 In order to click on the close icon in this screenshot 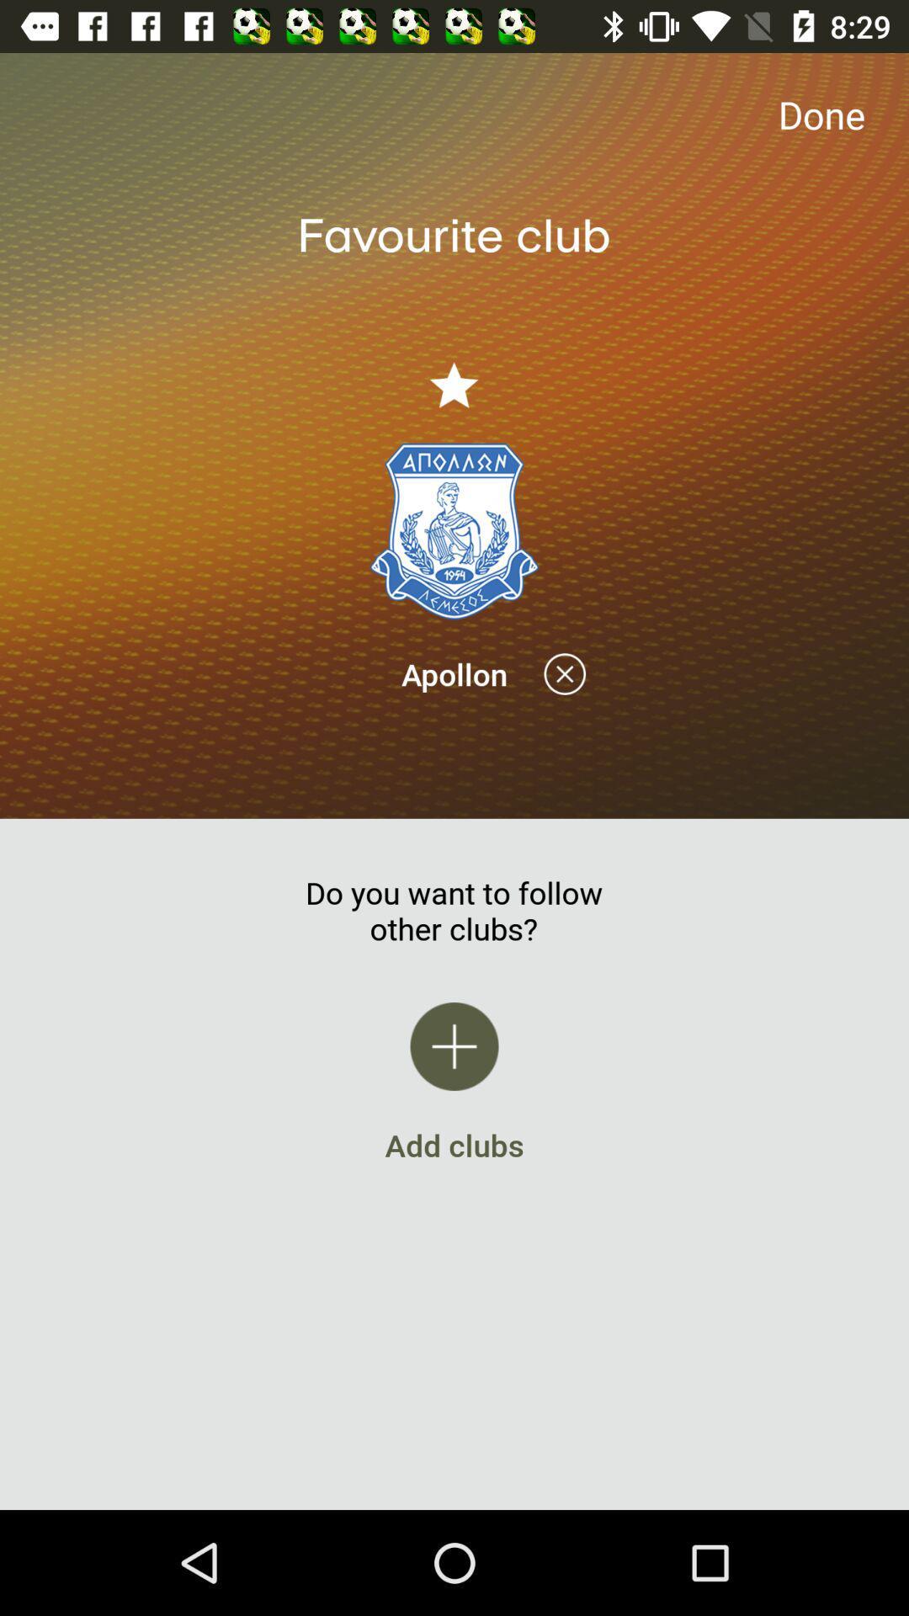, I will do `click(565, 674)`.